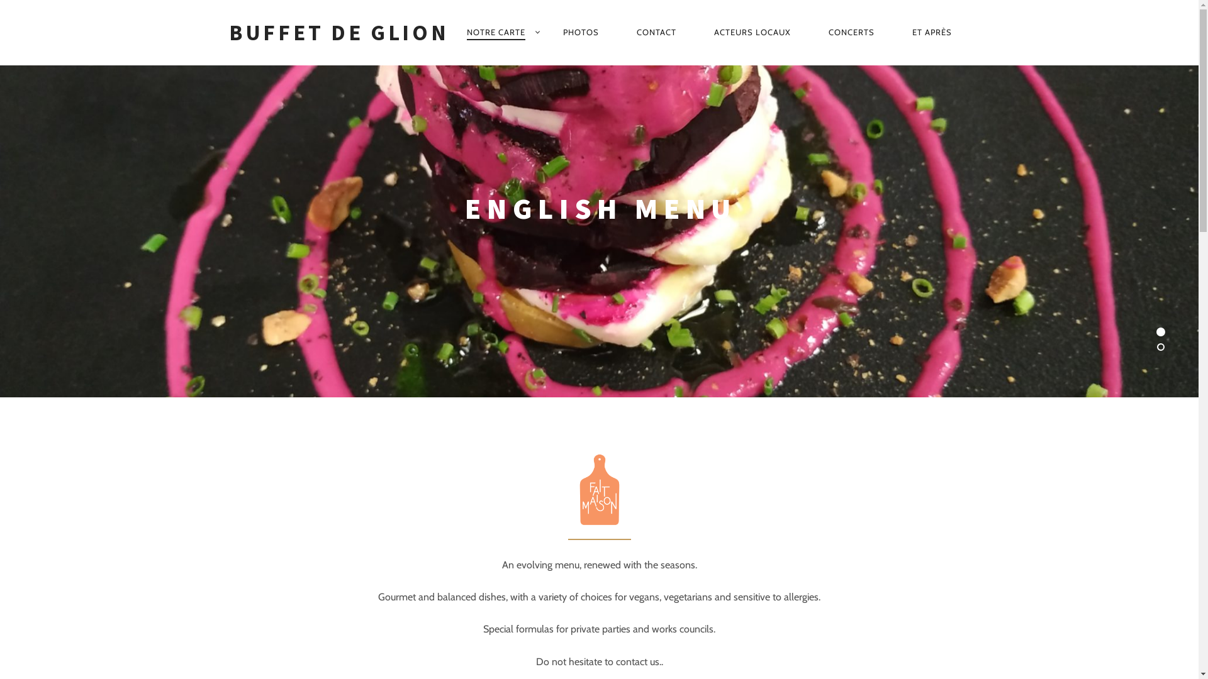  I want to click on 'CONCERTS', so click(851, 31).